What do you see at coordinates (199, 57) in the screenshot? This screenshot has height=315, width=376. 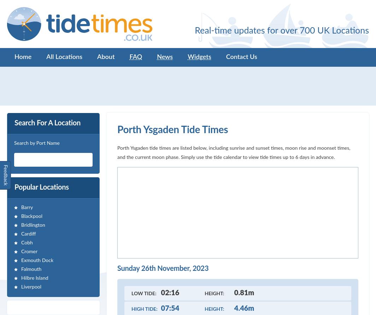 I see `'Widgets'` at bounding box center [199, 57].